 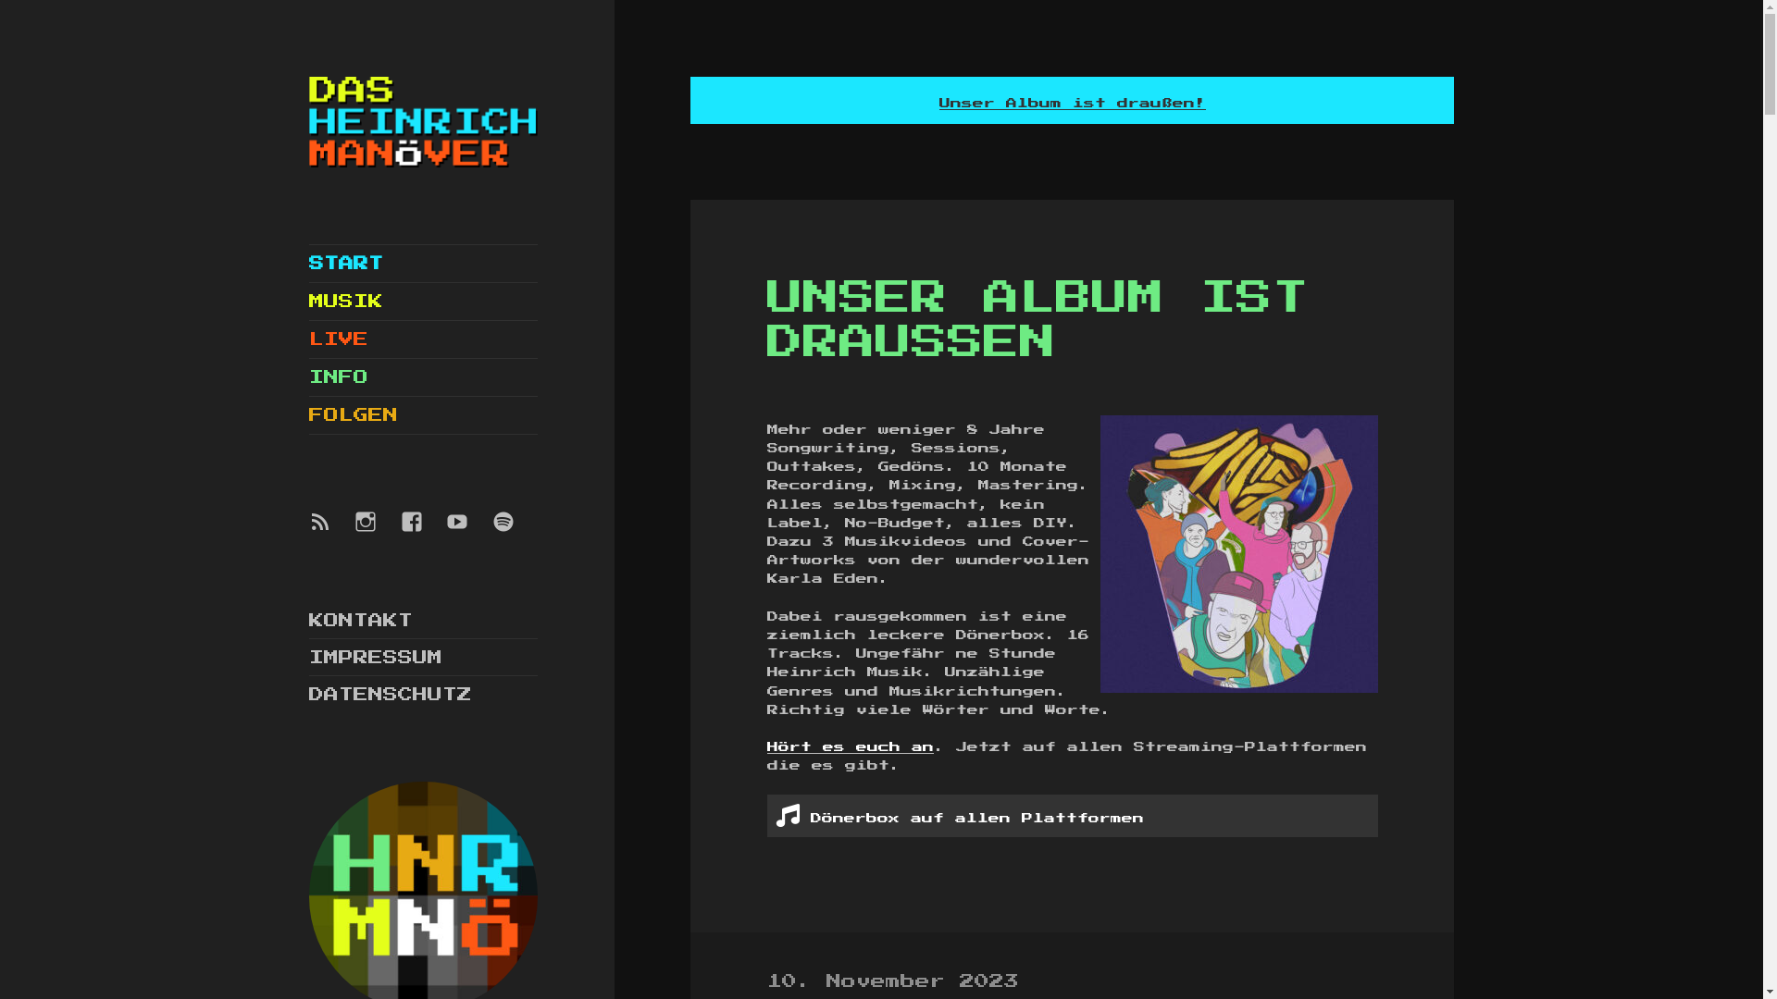 I want to click on 'START', so click(x=422, y=264).